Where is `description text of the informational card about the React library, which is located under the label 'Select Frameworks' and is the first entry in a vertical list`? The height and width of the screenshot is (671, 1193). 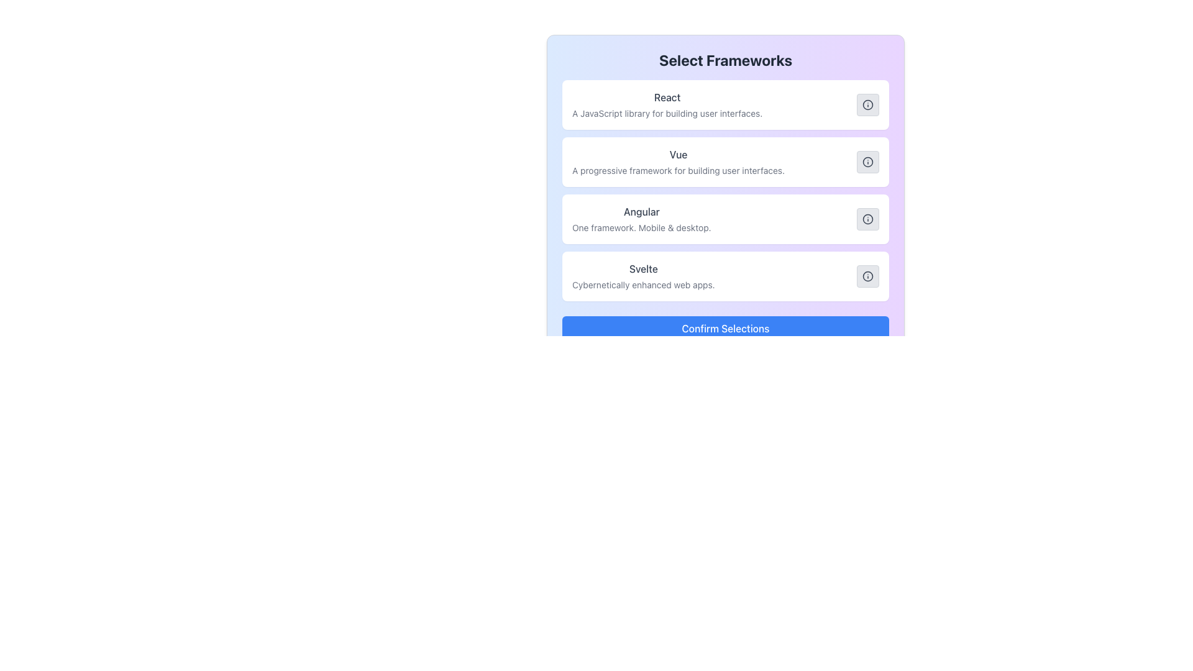 description text of the informational card about the React library, which is located under the label 'Select Frameworks' and is the first entry in a vertical list is located at coordinates (725, 104).